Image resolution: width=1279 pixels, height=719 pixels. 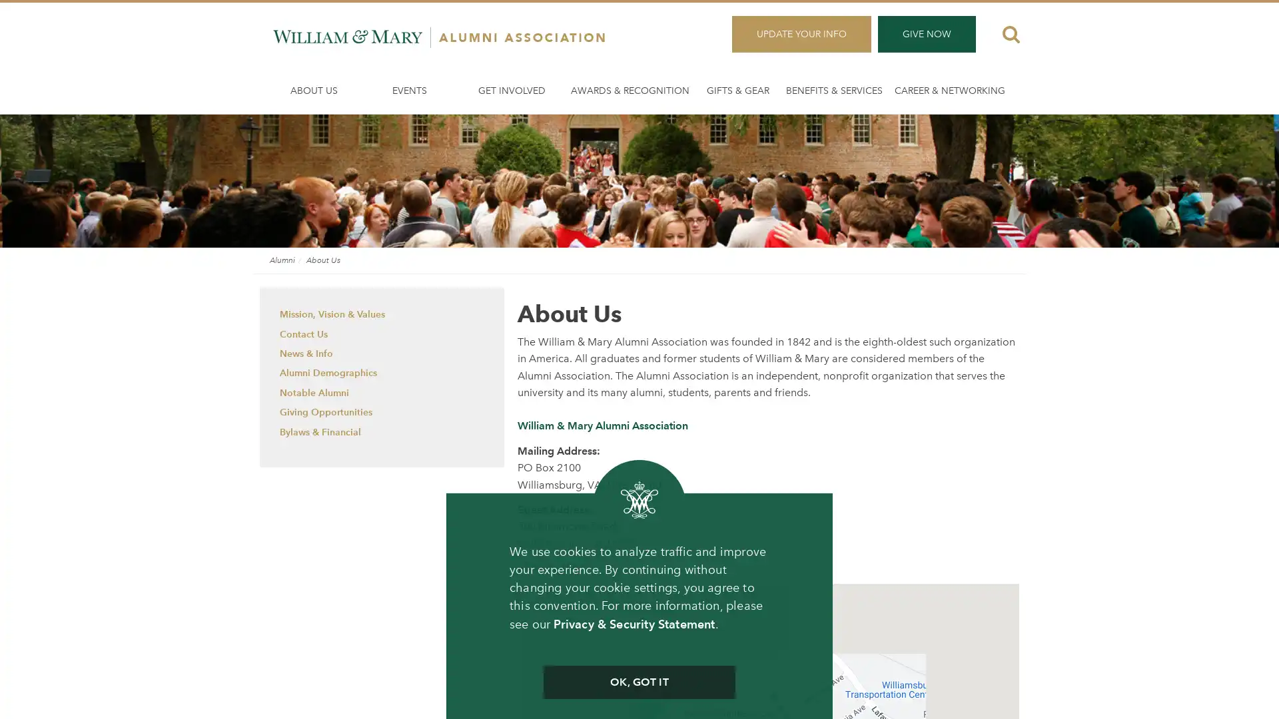 What do you see at coordinates (638, 682) in the screenshot?
I see `OK, GOT IT` at bounding box center [638, 682].